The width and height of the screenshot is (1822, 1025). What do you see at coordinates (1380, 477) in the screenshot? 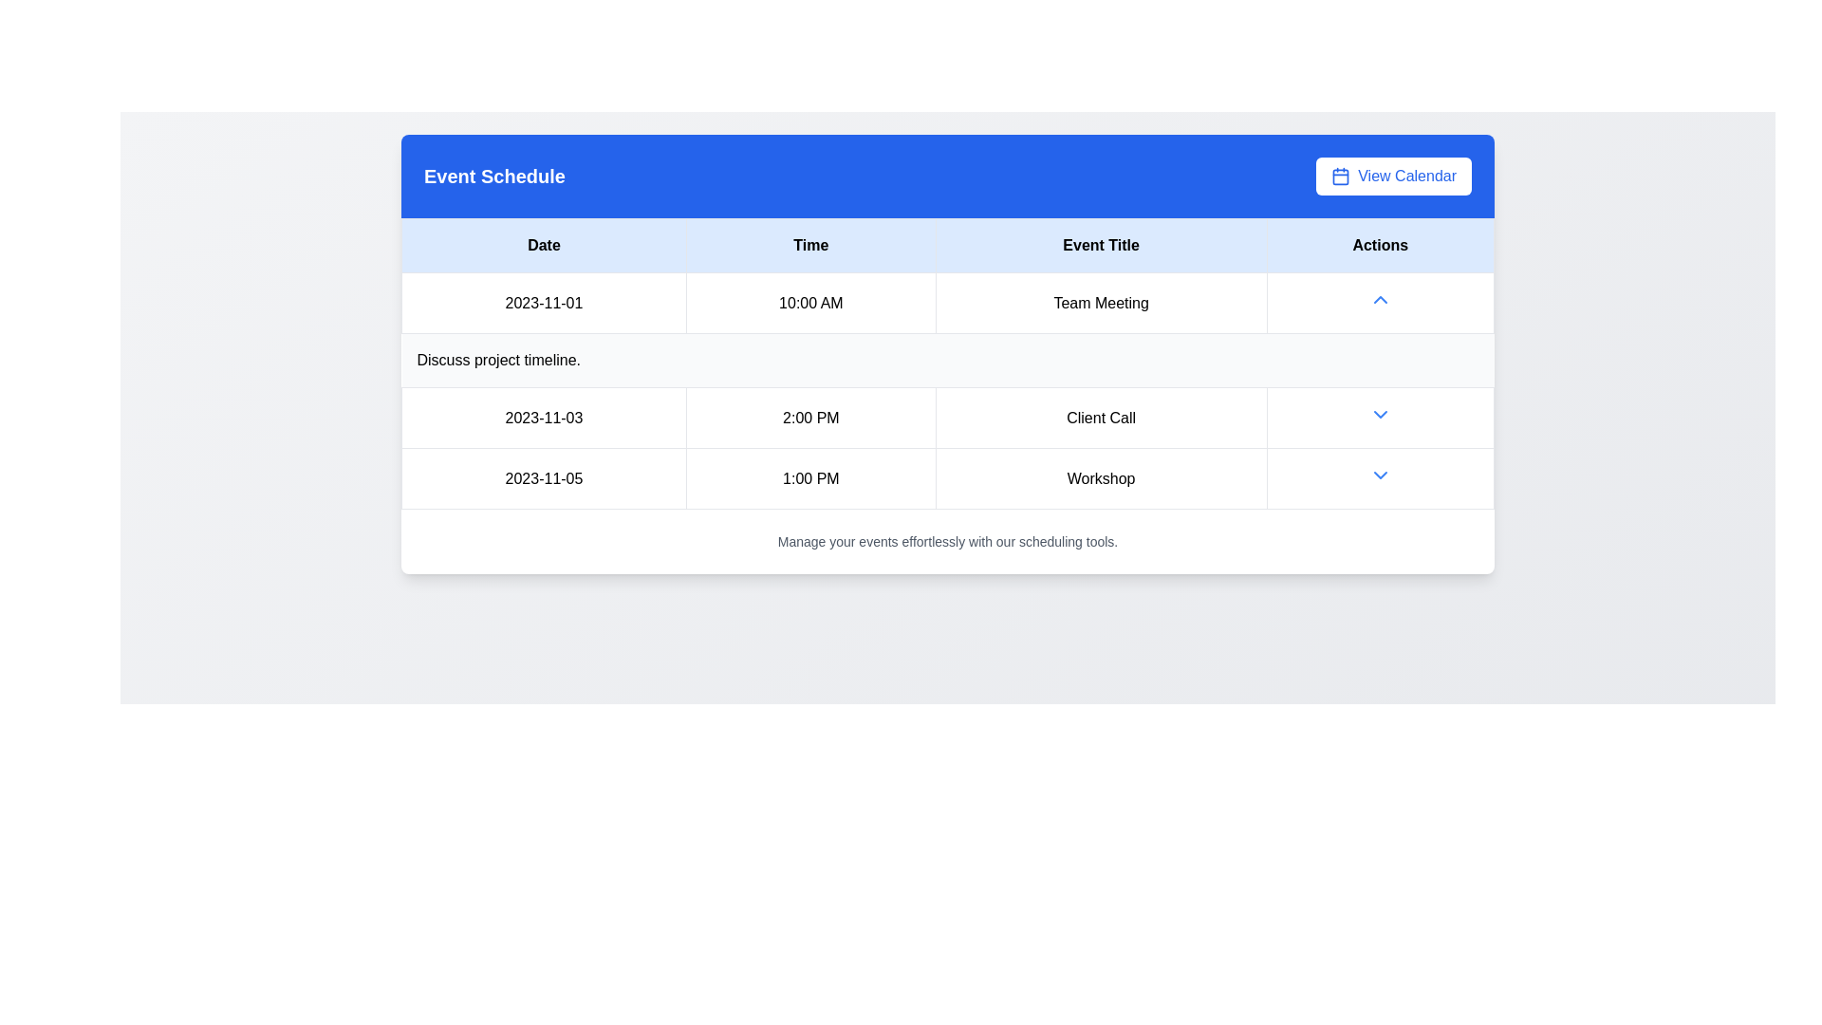
I see `the small, blue downward-pointing arrow icon located in the 'Actions' column of the last row in the table near the 'Workshop' event` at bounding box center [1380, 477].